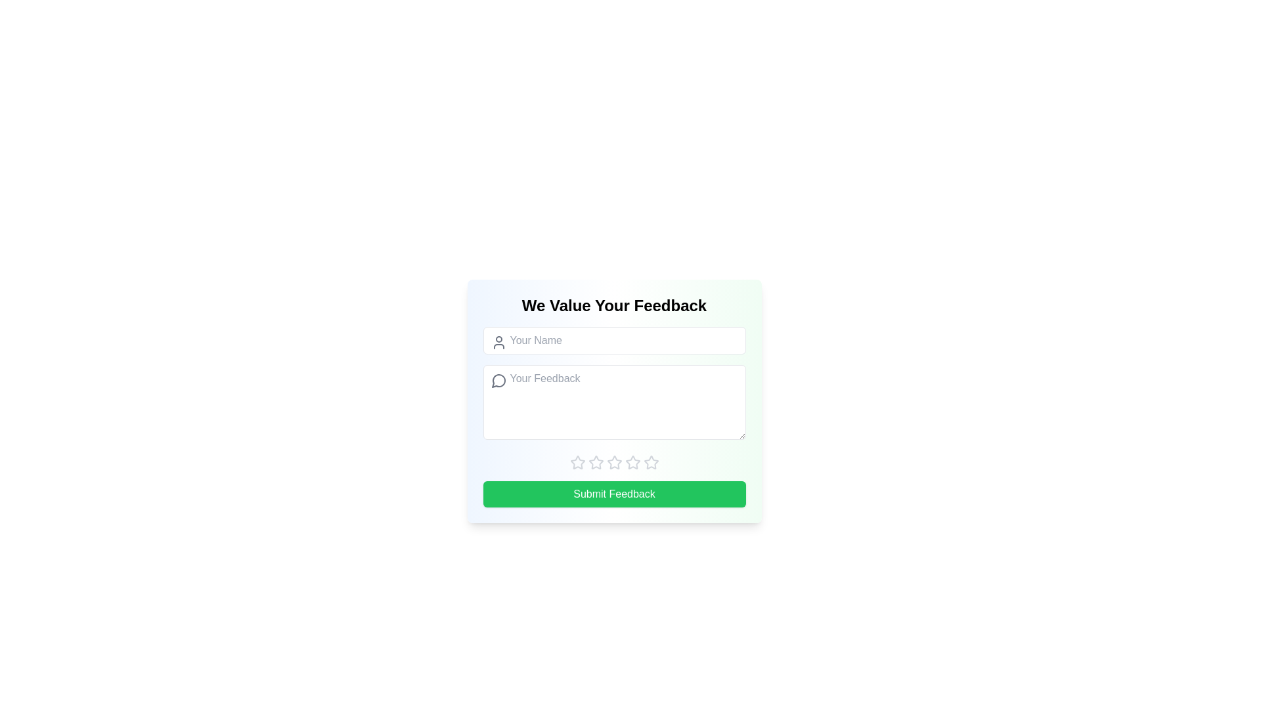  I want to click on the third star icon in the 1-5 star rating system, so click(613, 462).